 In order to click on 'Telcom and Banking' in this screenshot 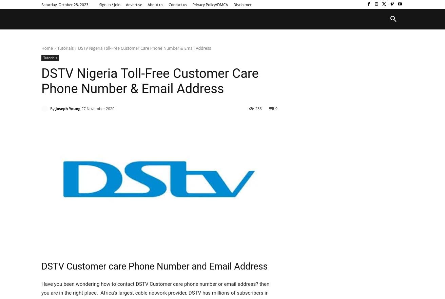, I will do `click(310, 18)`.